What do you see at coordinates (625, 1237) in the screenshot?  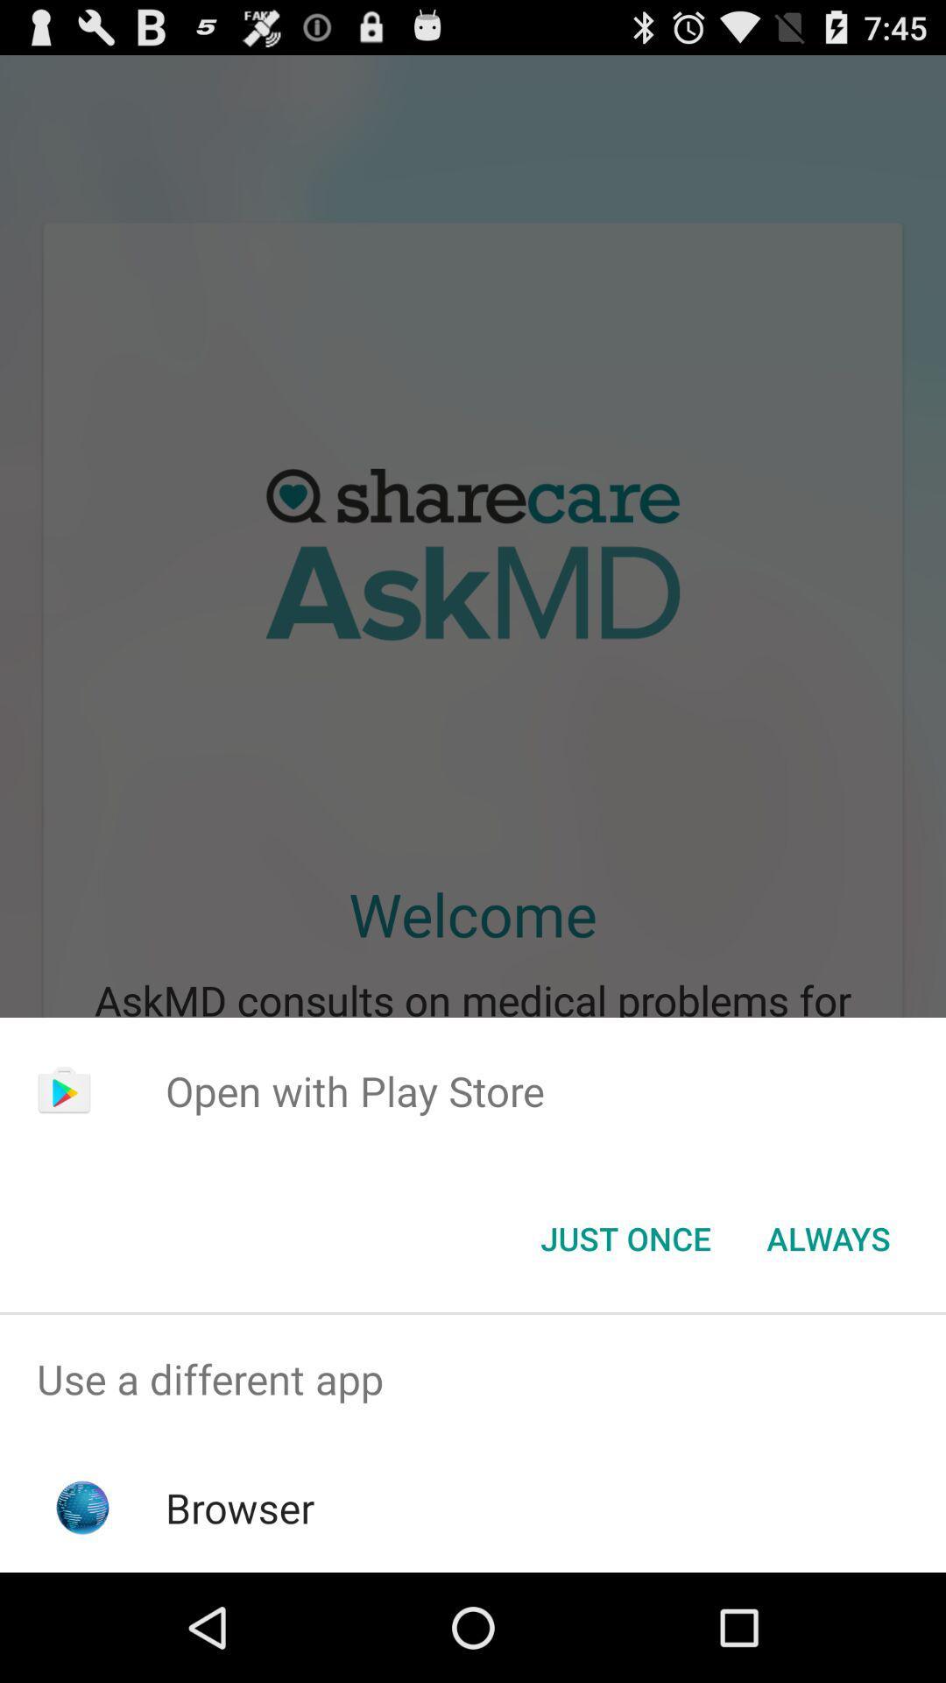 I see `the just once button` at bounding box center [625, 1237].